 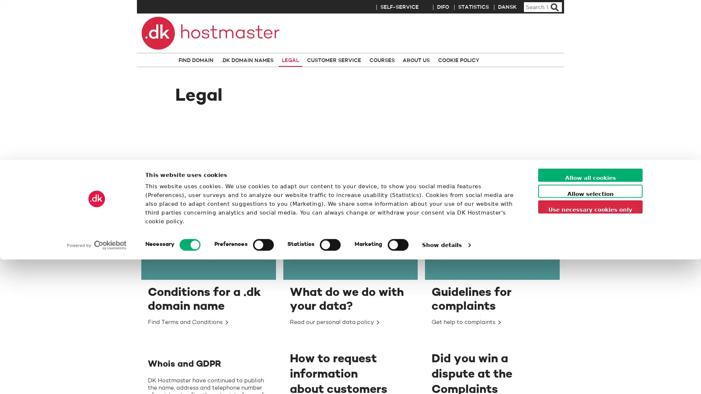 I want to click on Allow all cookies, so click(x=590, y=309).